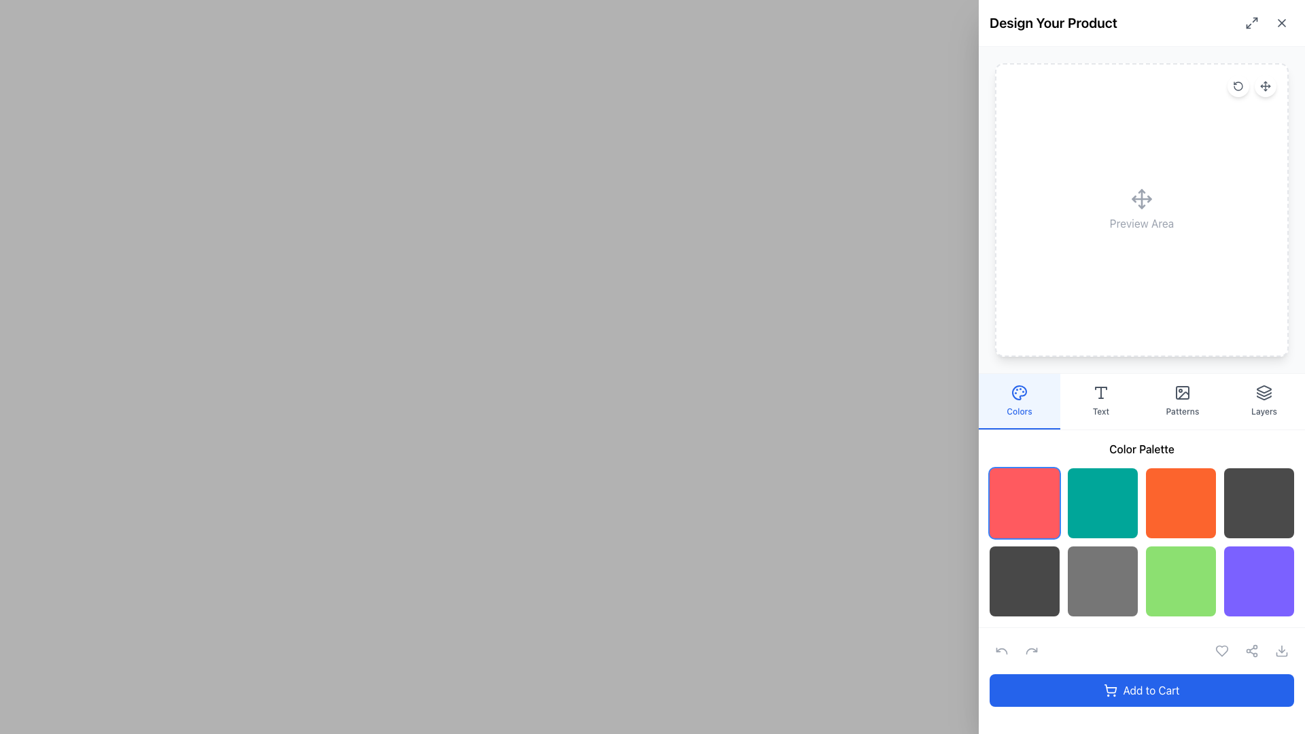 Image resolution: width=1305 pixels, height=734 pixels. What do you see at coordinates (1001, 650) in the screenshot?
I see `the undo button, which is the first icon in a horizontal layout located below the color palette area on the leftmost side` at bounding box center [1001, 650].